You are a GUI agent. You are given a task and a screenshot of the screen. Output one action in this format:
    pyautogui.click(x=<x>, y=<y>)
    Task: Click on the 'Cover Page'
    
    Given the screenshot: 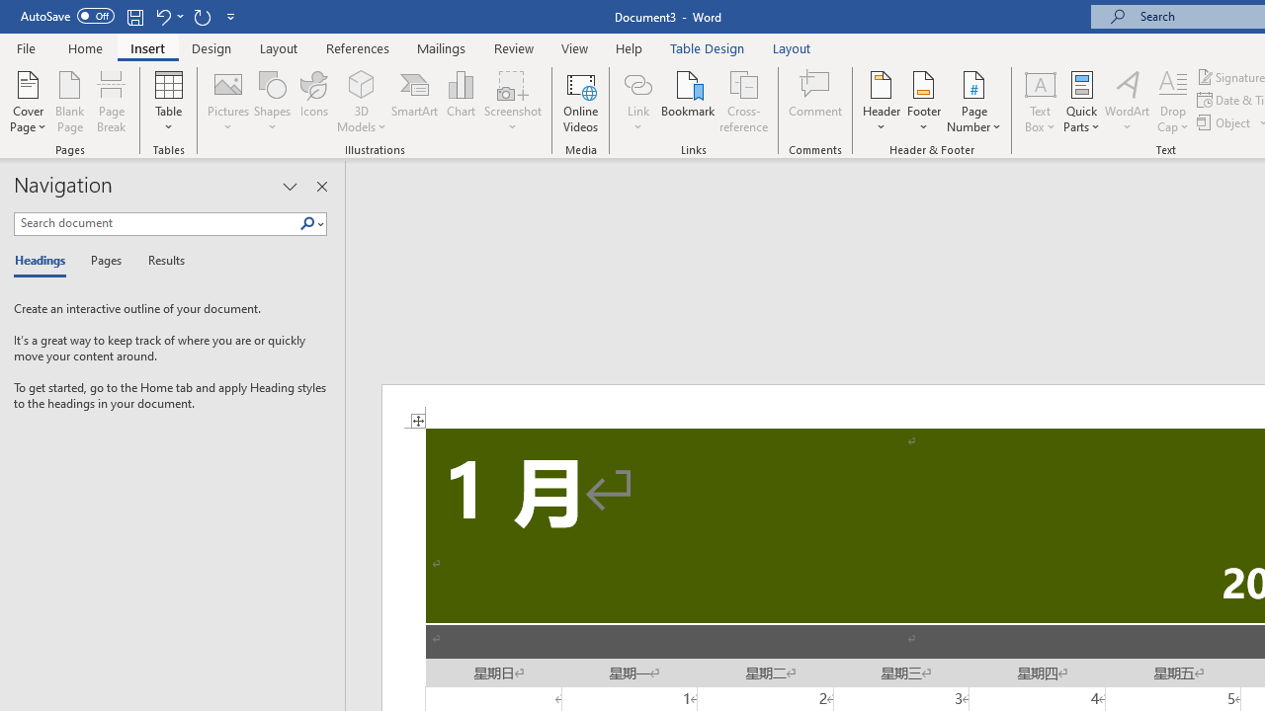 What is the action you would take?
    pyautogui.click(x=28, y=102)
    